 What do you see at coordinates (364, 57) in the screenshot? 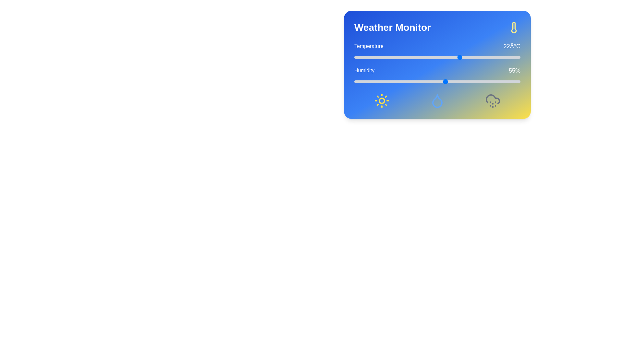
I see `the temperature slider to set the temperature to -7°C` at bounding box center [364, 57].